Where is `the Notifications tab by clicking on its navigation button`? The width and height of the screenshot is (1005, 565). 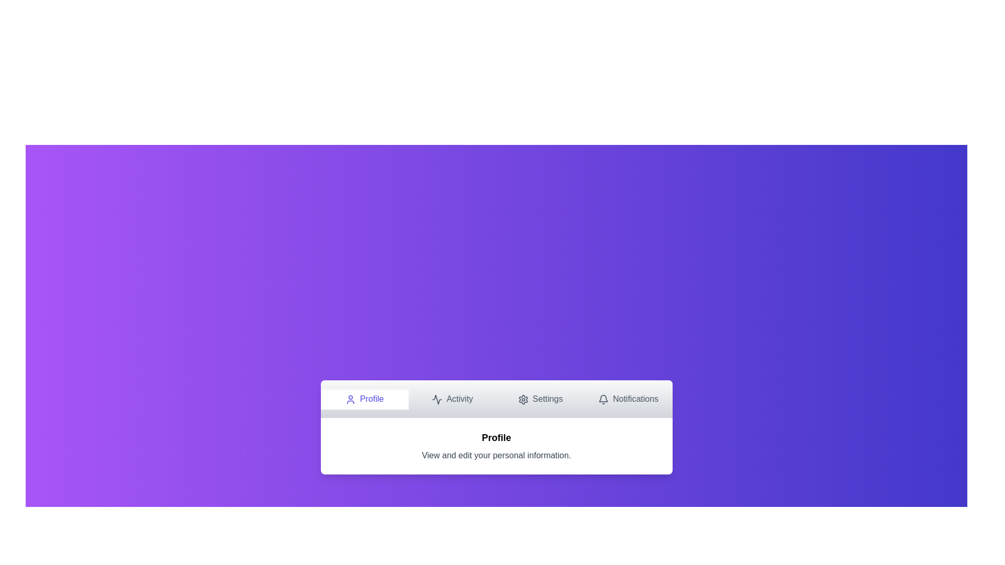
the Notifications tab by clicking on its navigation button is located at coordinates (628, 399).